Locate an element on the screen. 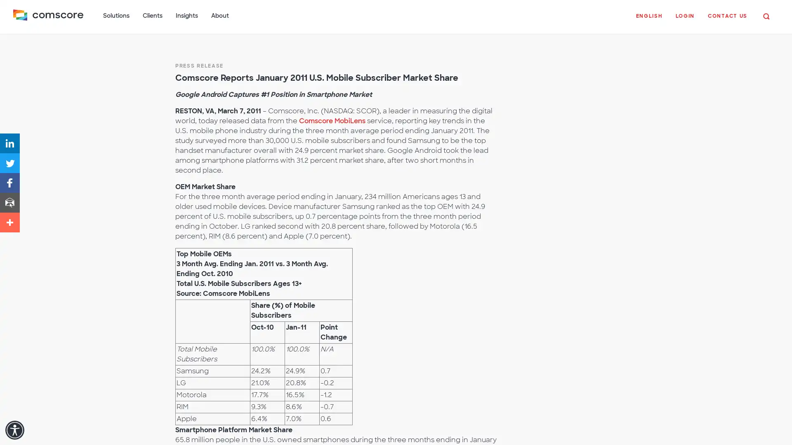  ENGLISH is located at coordinates (648, 20).